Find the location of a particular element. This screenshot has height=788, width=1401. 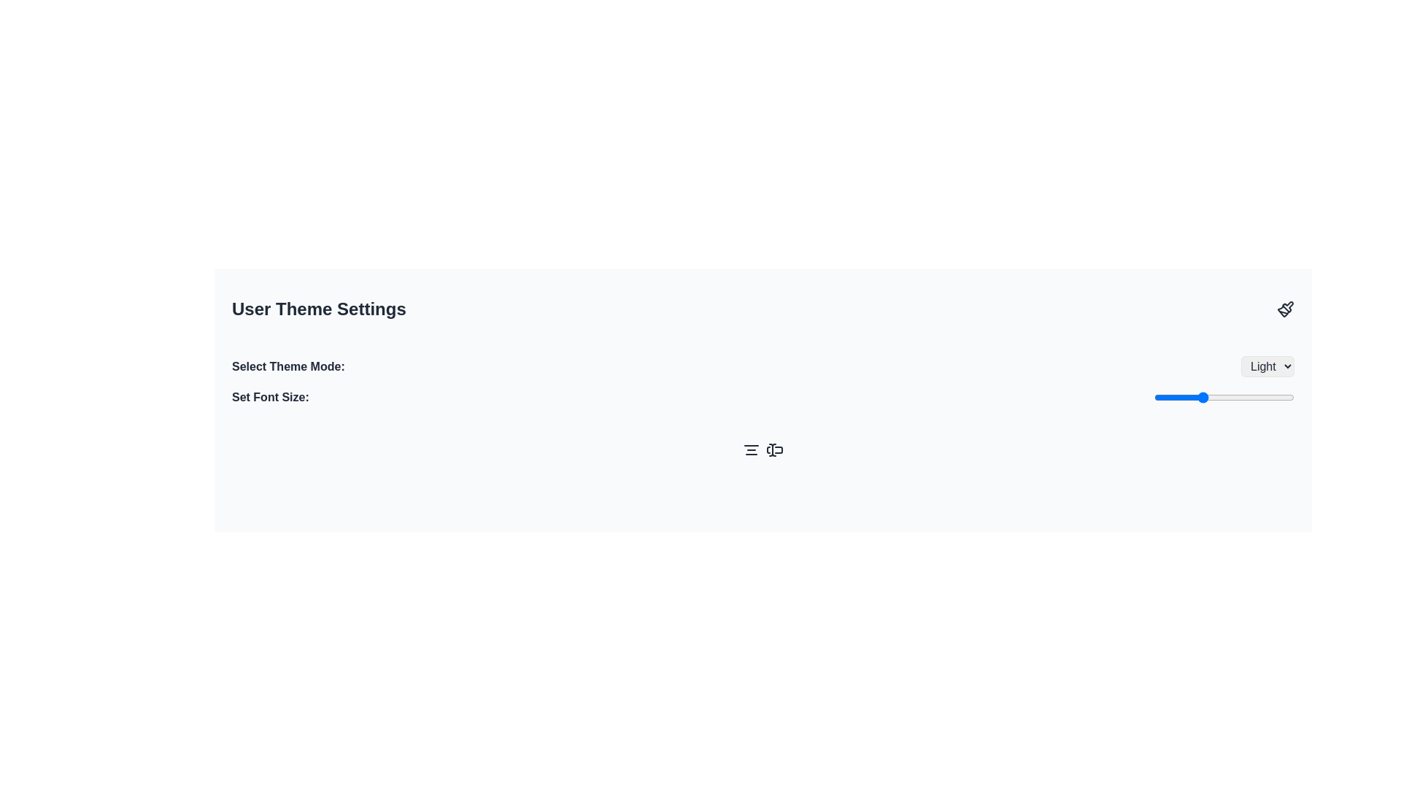

the font size is located at coordinates (1281, 397).